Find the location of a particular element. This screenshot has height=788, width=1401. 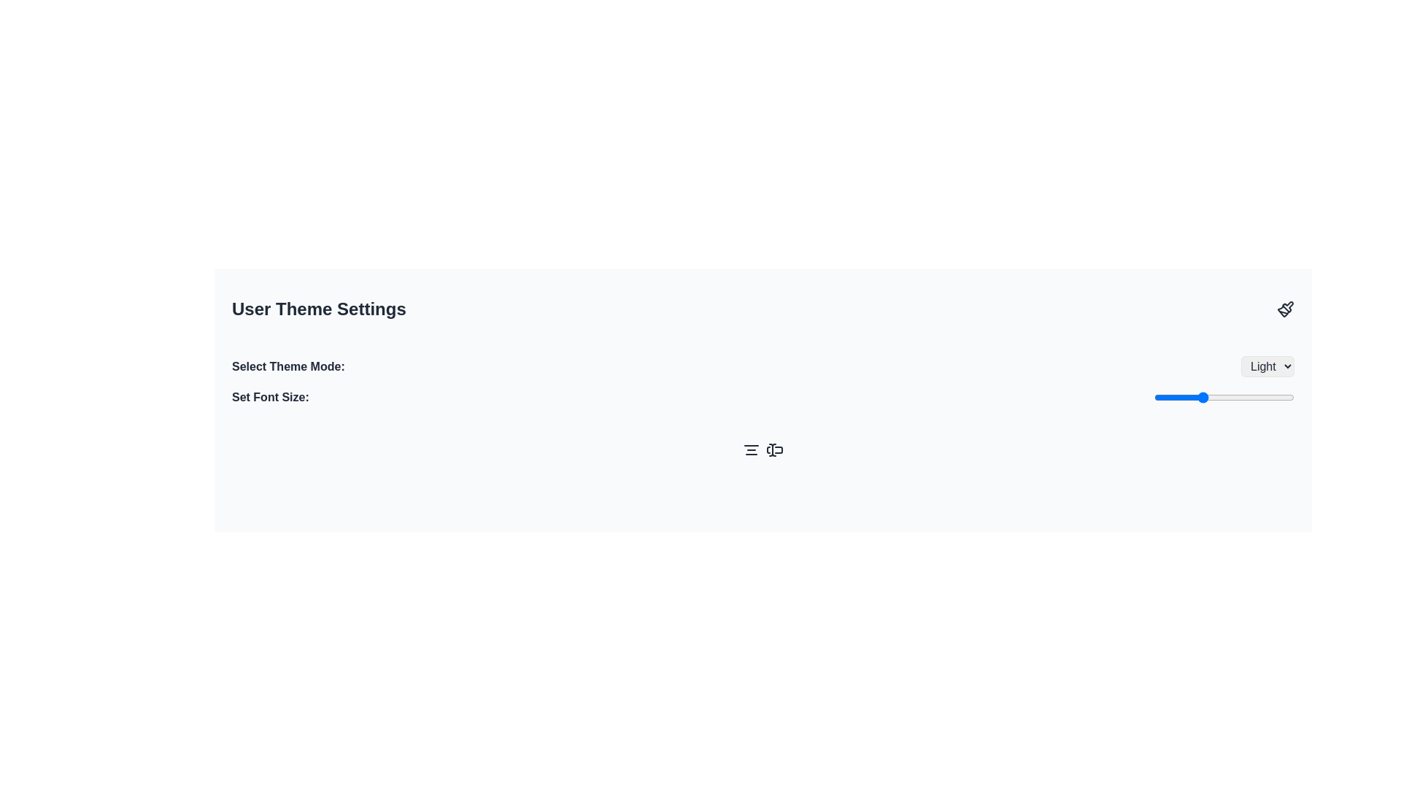

the font size is located at coordinates (1281, 397).